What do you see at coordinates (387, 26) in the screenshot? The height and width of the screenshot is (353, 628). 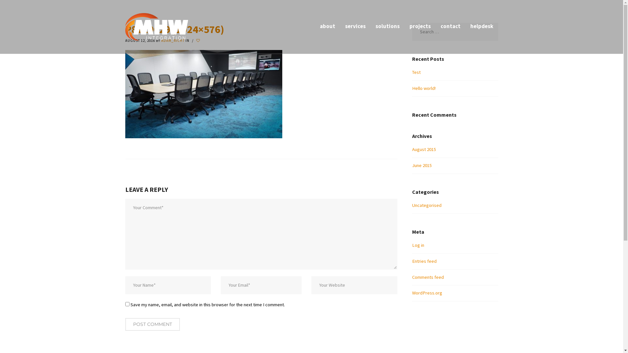 I see `'solutions'` at bounding box center [387, 26].